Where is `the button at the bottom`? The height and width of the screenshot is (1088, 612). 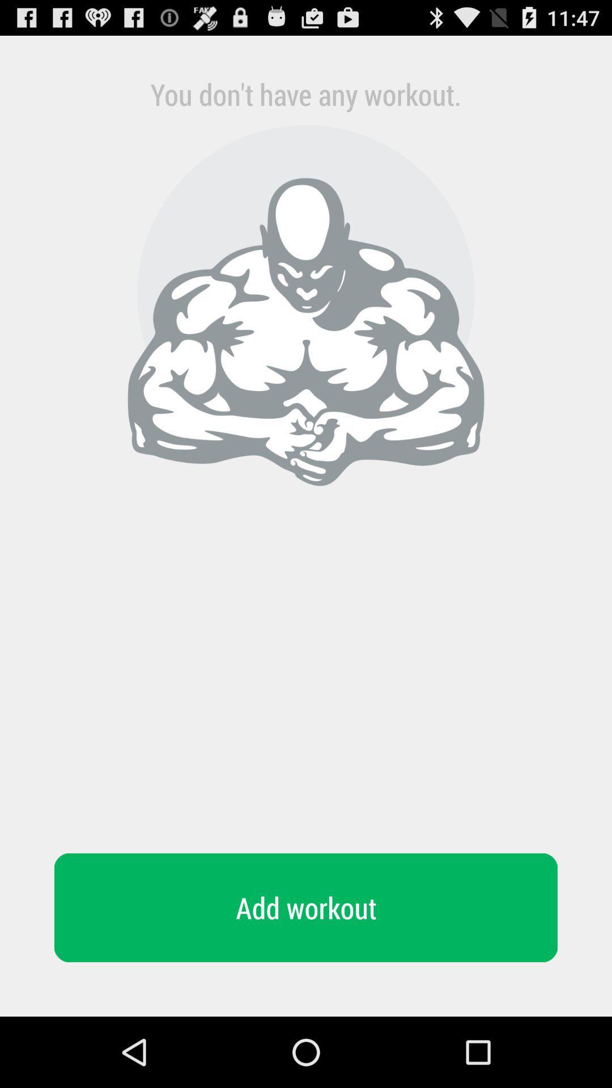
the button at the bottom is located at coordinates (306, 908).